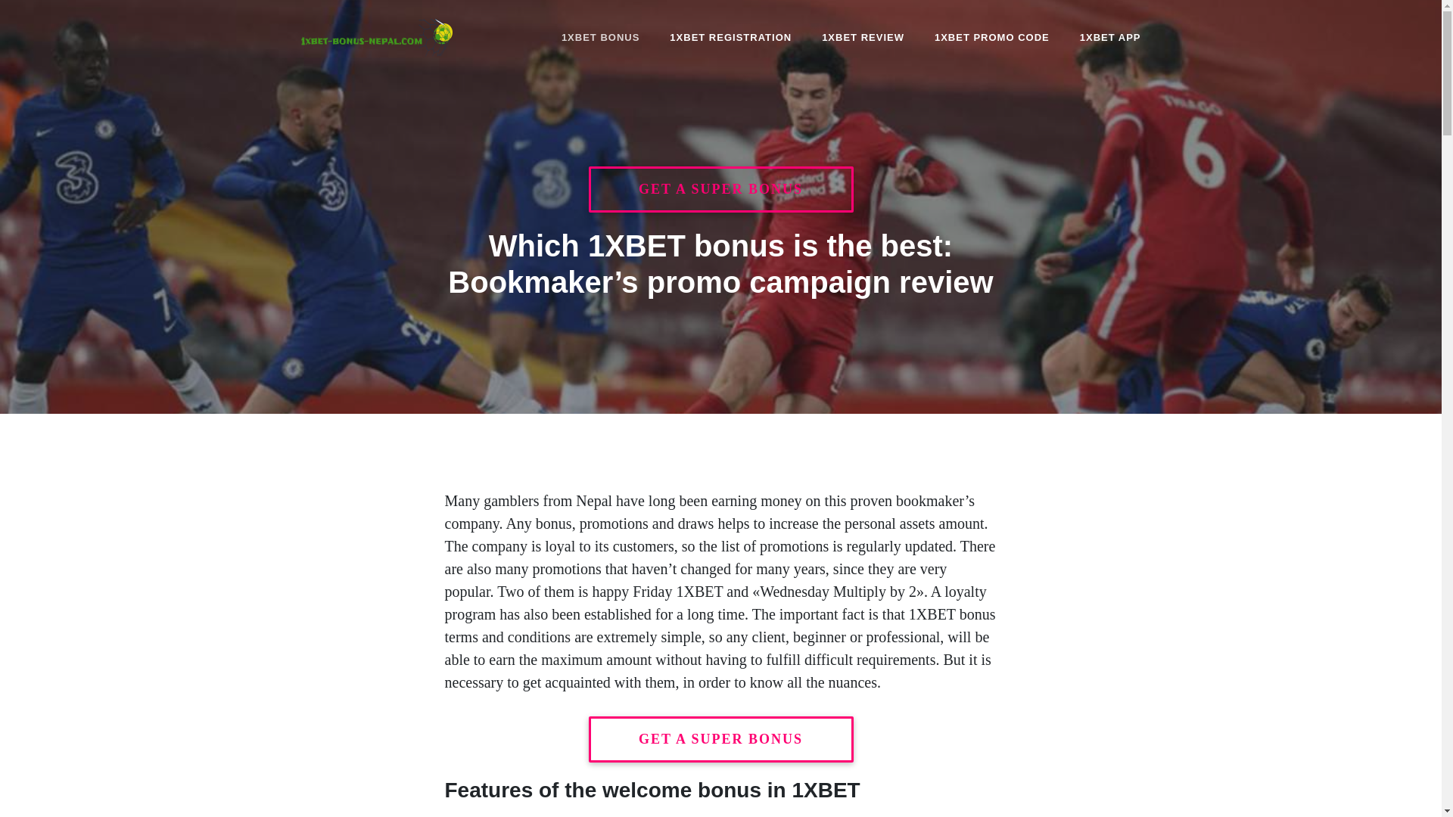 This screenshot has height=817, width=1453. I want to click on '1XBET REVIEW', so click(863, 36).